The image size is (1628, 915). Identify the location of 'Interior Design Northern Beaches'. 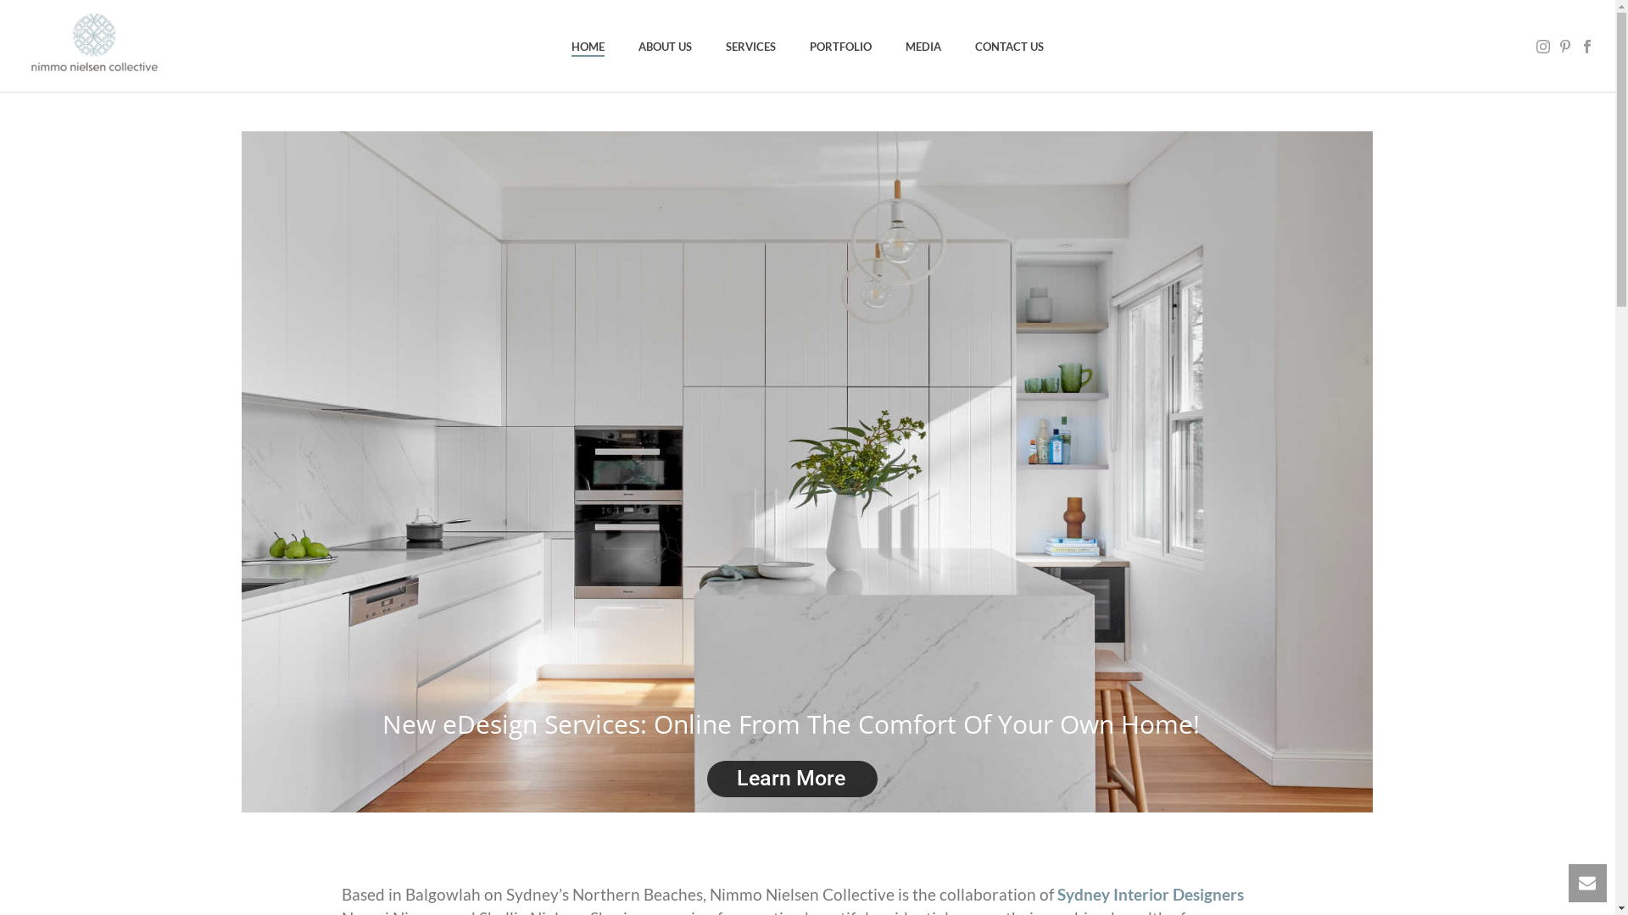
(92, 45).